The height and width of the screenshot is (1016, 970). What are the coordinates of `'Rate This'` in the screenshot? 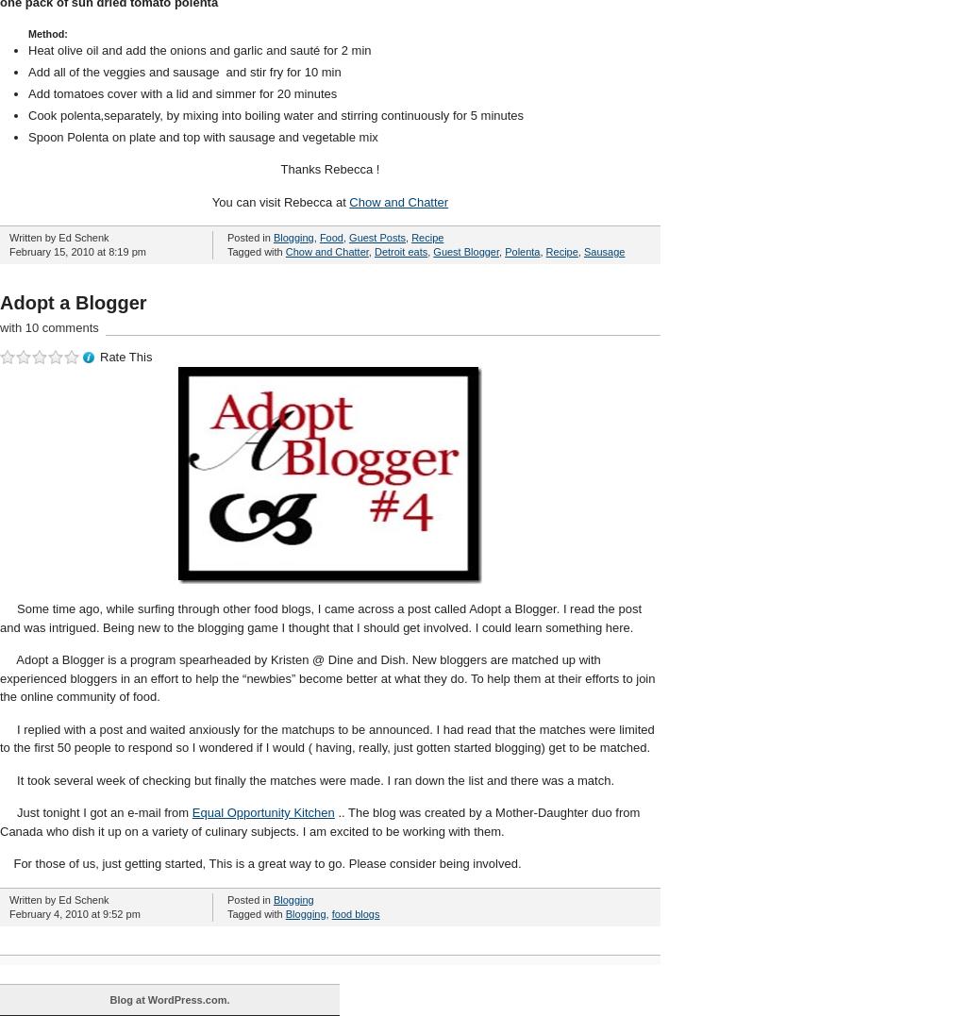 It's located at (125, 357).